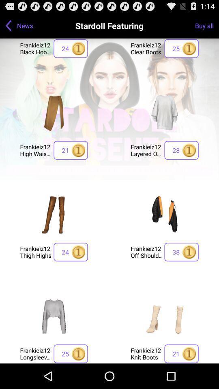  I want to click on dress, so click(54, 316).